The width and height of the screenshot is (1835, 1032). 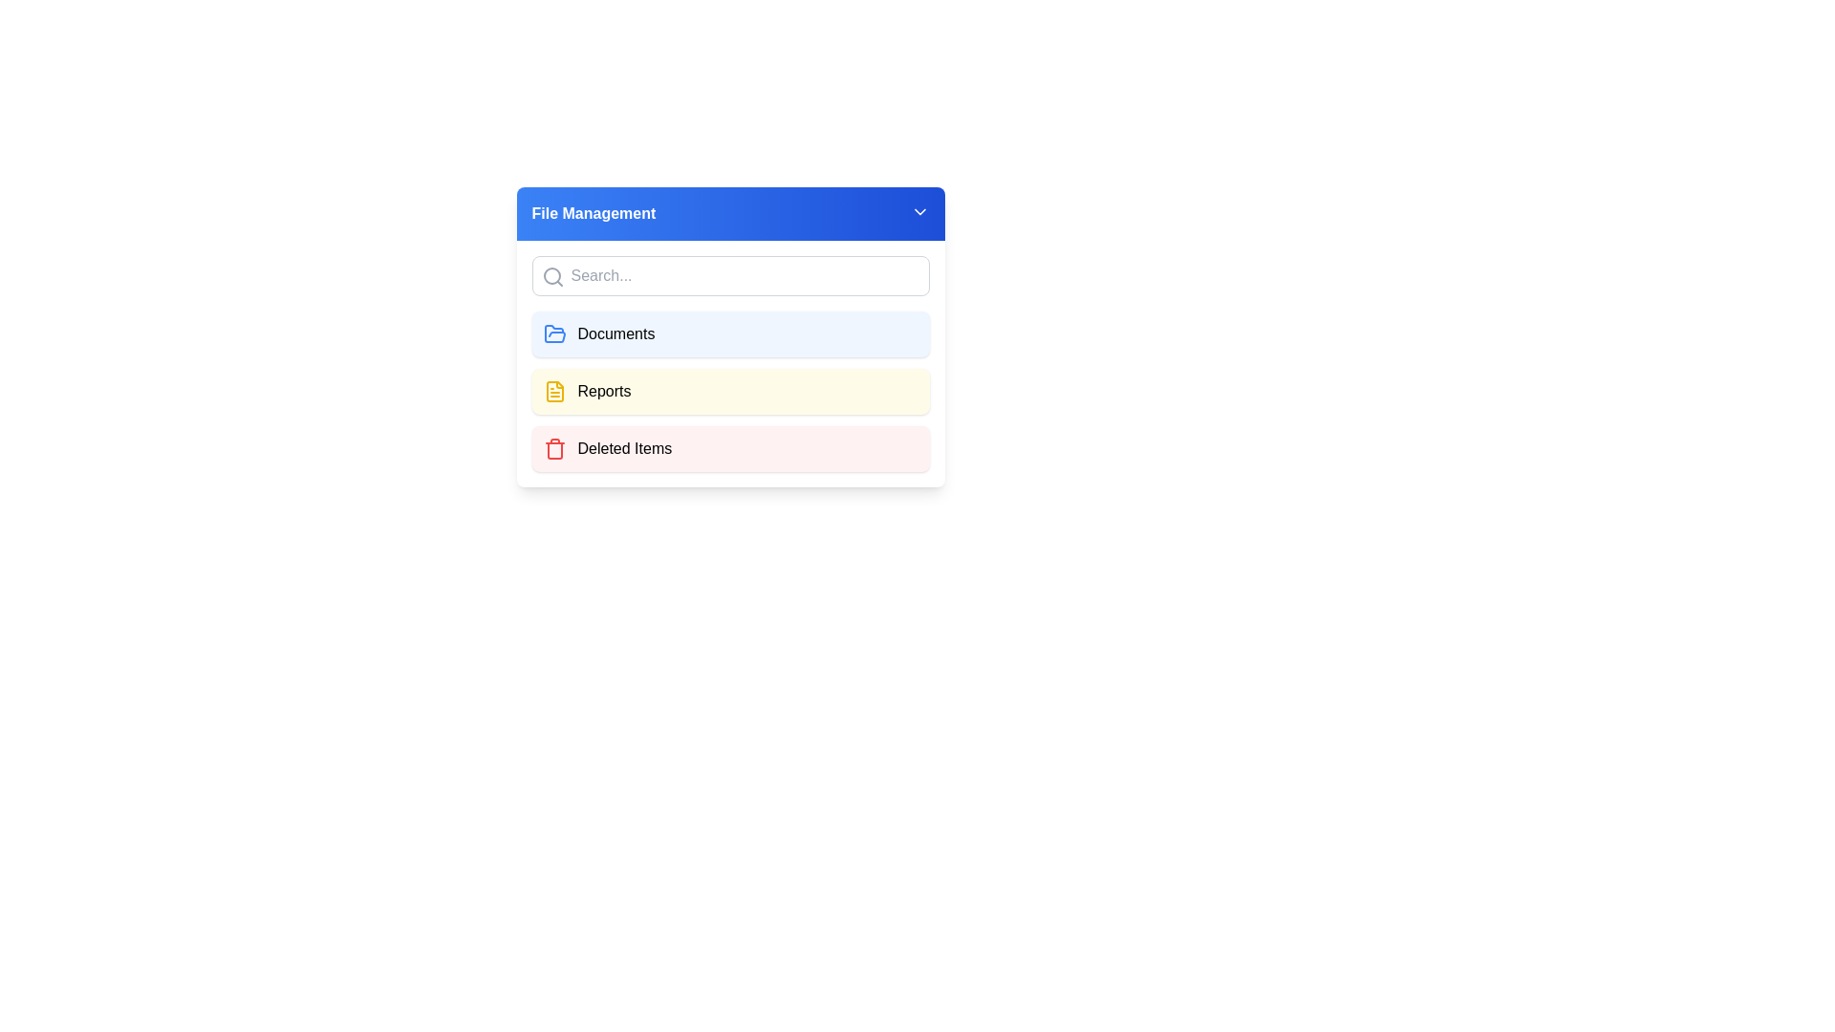 What do you see at coordinates (553, 449) in the screenshot?
I see `the representation of the trash bin icon, which is styled in red and located to the left of the 'Deleted Items' text label in the 'File Management' menu` at bounding box center [553, 449].